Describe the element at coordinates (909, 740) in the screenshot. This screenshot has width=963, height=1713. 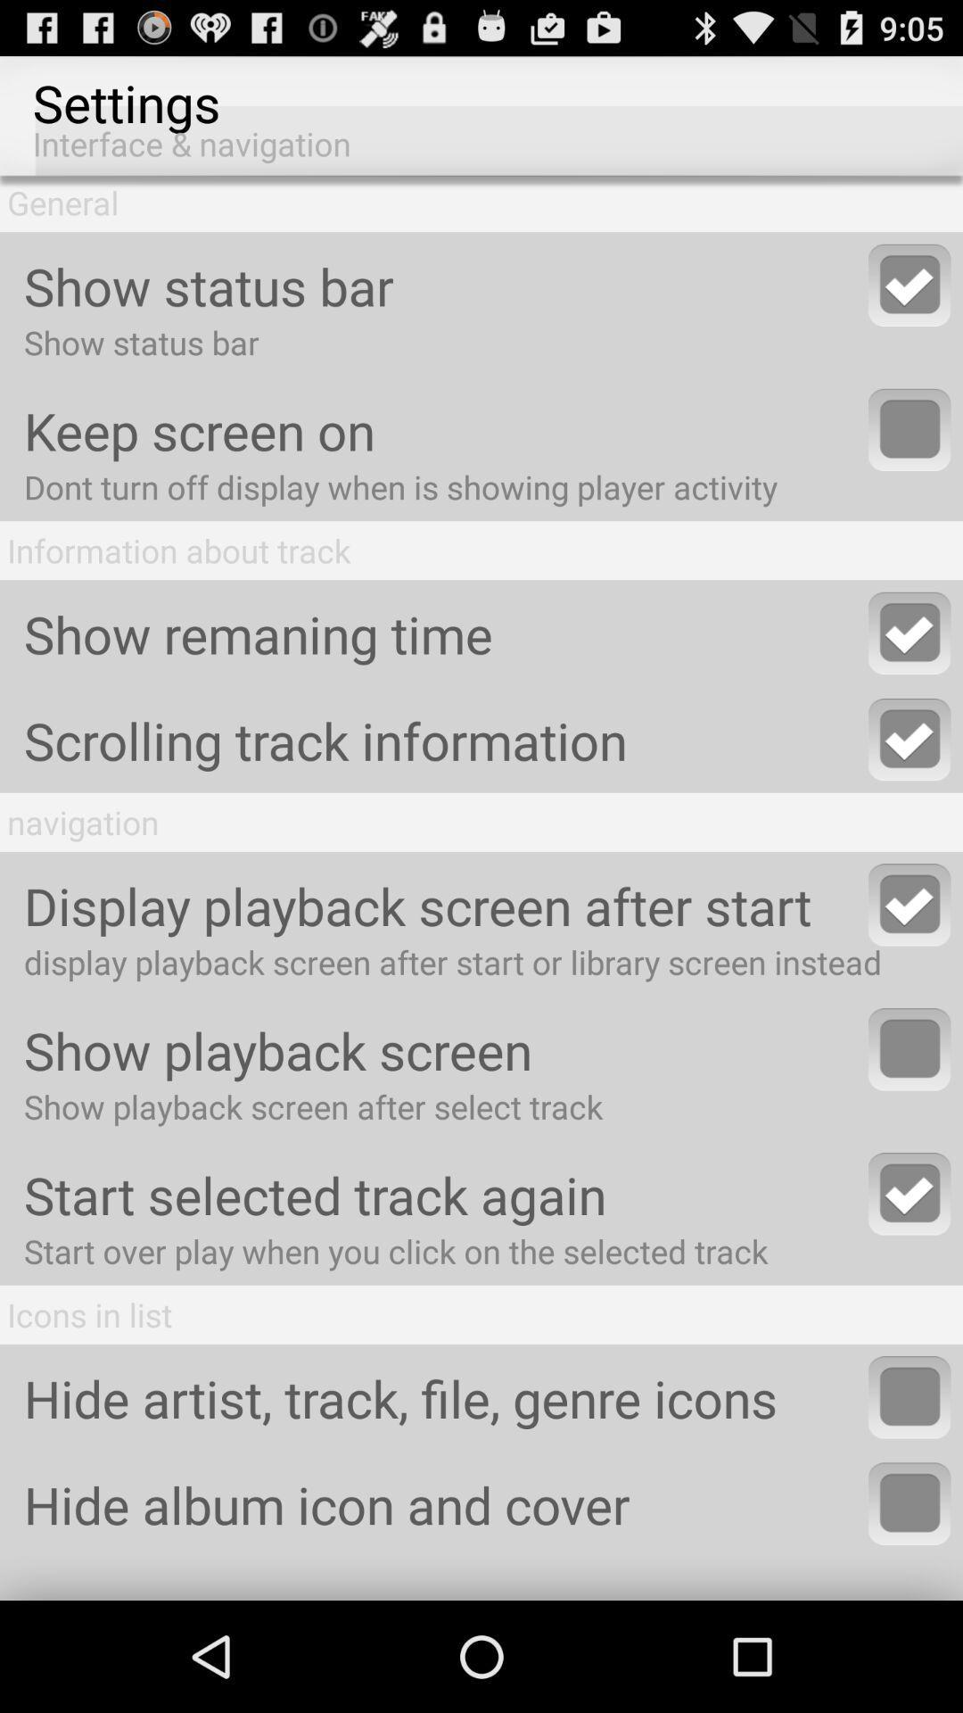
I see `option` at that location.